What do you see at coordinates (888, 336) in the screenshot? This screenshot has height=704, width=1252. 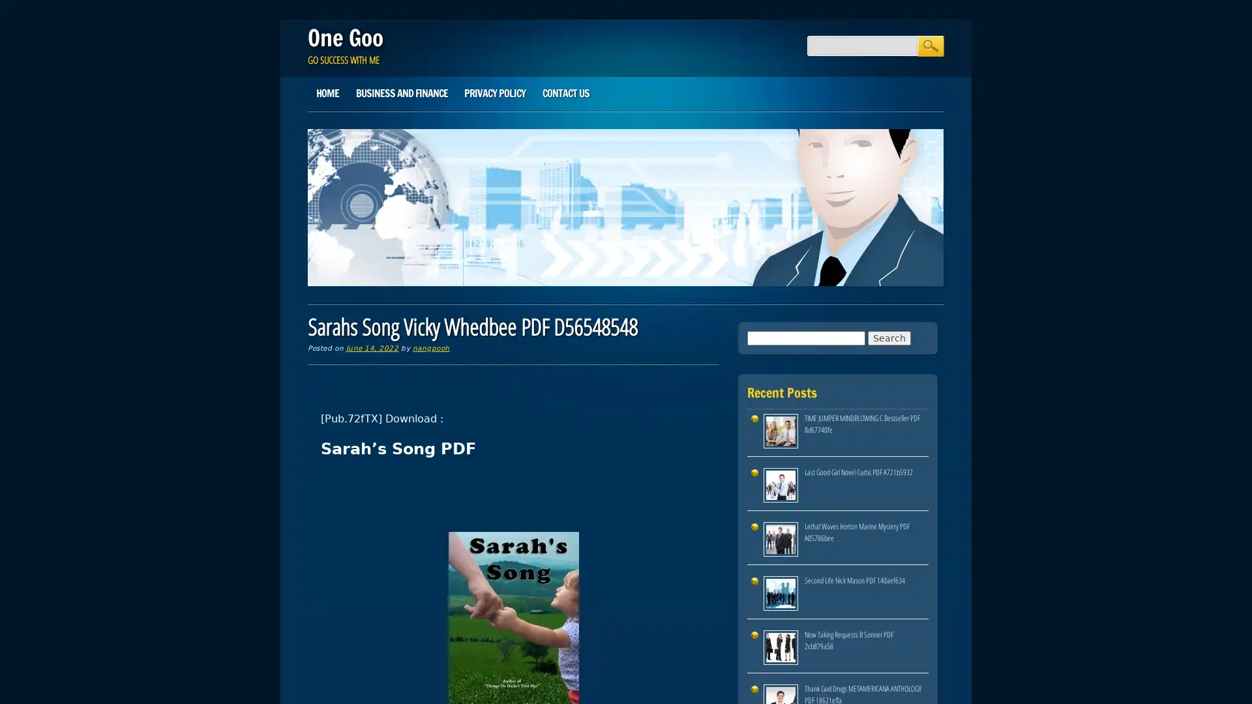 I see `Search` at bounding box center [888, 336].